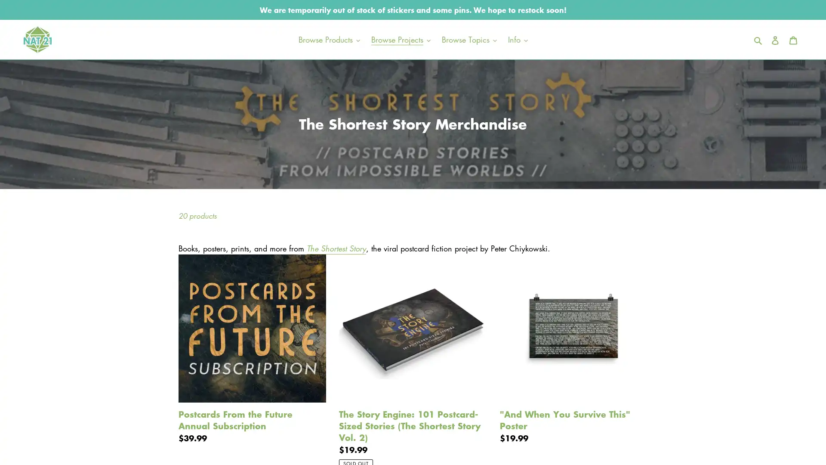  I want to click on Browse Projects, so click(400, 39).